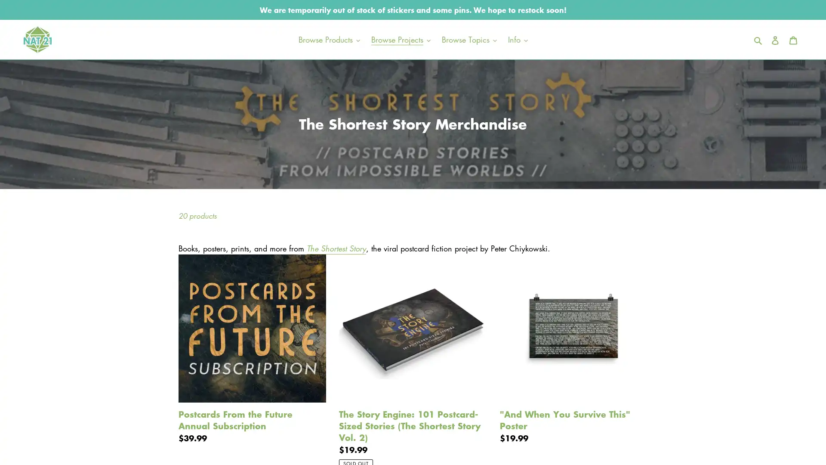  I want to click on Browse Projects, so click(400, 39).